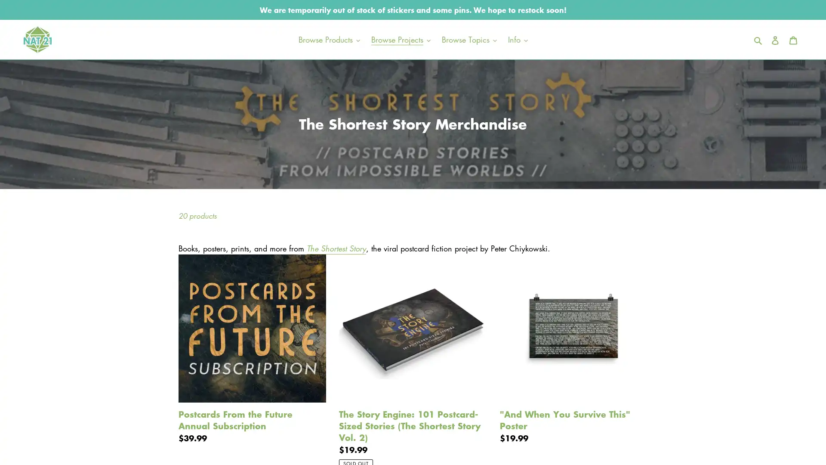  I want to click on Browse Projects, so click(400, 39).